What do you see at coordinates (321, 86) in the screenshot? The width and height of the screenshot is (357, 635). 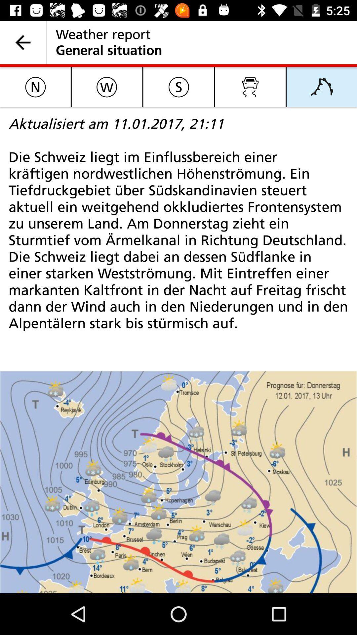 I see `the font icon` at bounding box center [321, 86].